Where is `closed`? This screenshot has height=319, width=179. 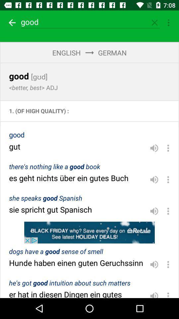 closed is located at coordinates (154, 23).